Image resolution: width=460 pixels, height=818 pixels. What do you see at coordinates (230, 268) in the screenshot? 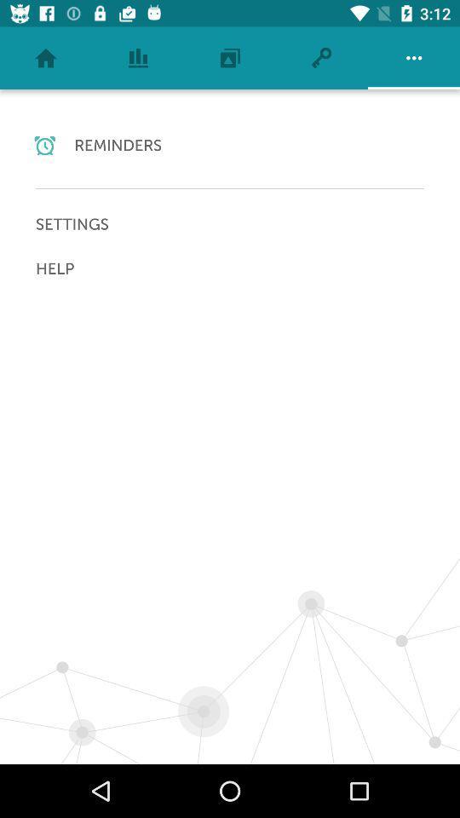
I see `the item below the settings` at bounding box center [230, 268].